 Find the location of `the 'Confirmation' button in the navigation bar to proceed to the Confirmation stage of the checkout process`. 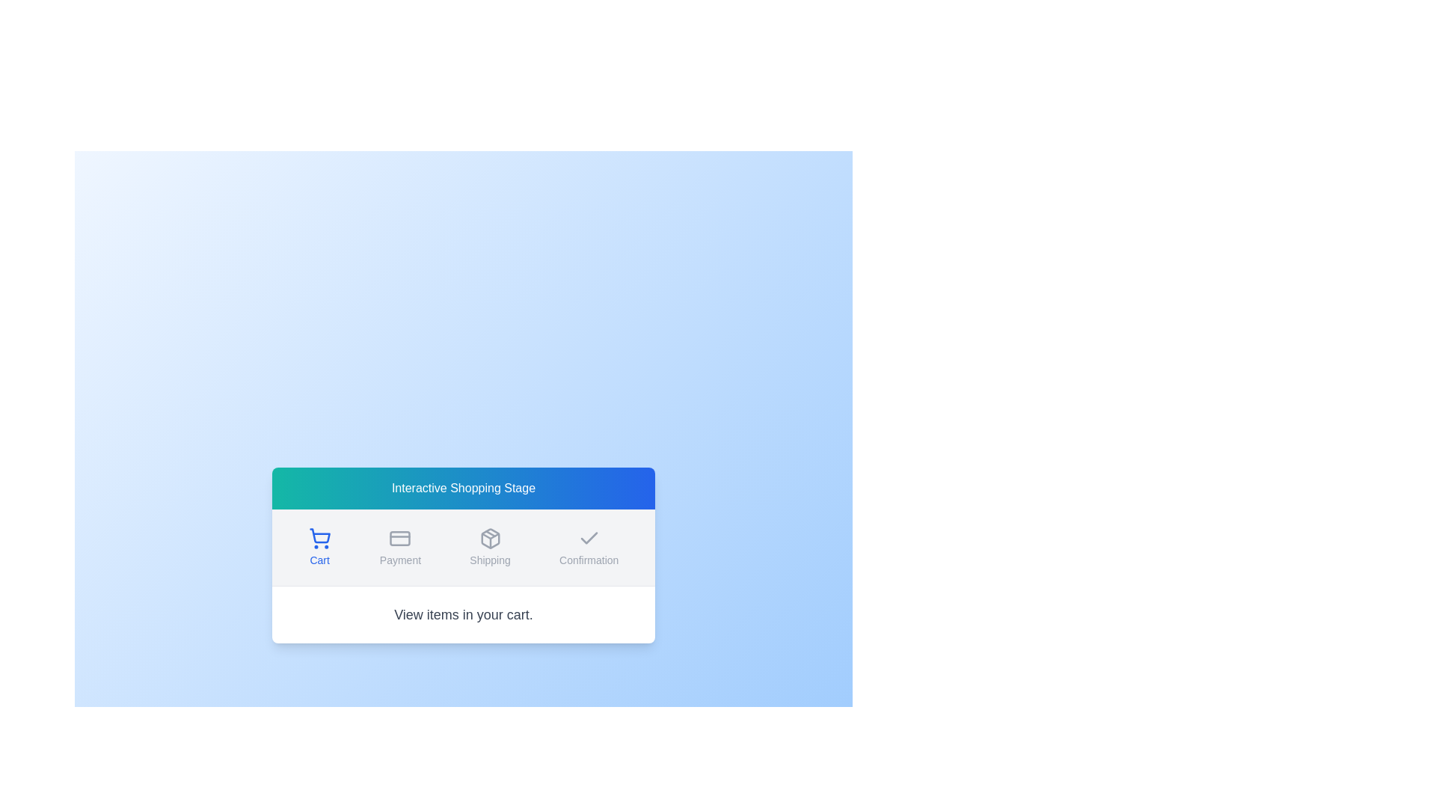

the 'Confirmation' button in the navigation bar to proceed to the Confirmation stage of the checkout process is located at coordinates (588, 547).